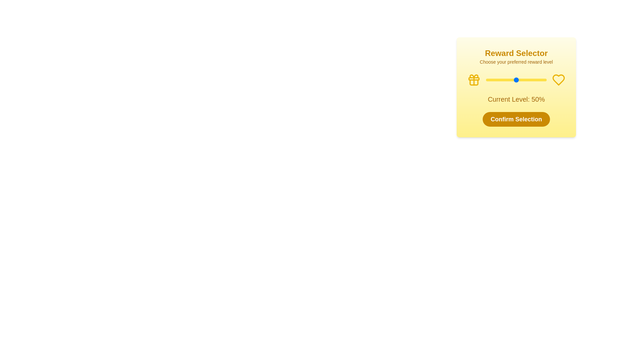 This screenshot has width=640, height=360. Describe the element at coordinates (516, 91) in the screenshot. I see `the 'Confirm Selection' button in the 'Reward Selector' modal box` at that location.